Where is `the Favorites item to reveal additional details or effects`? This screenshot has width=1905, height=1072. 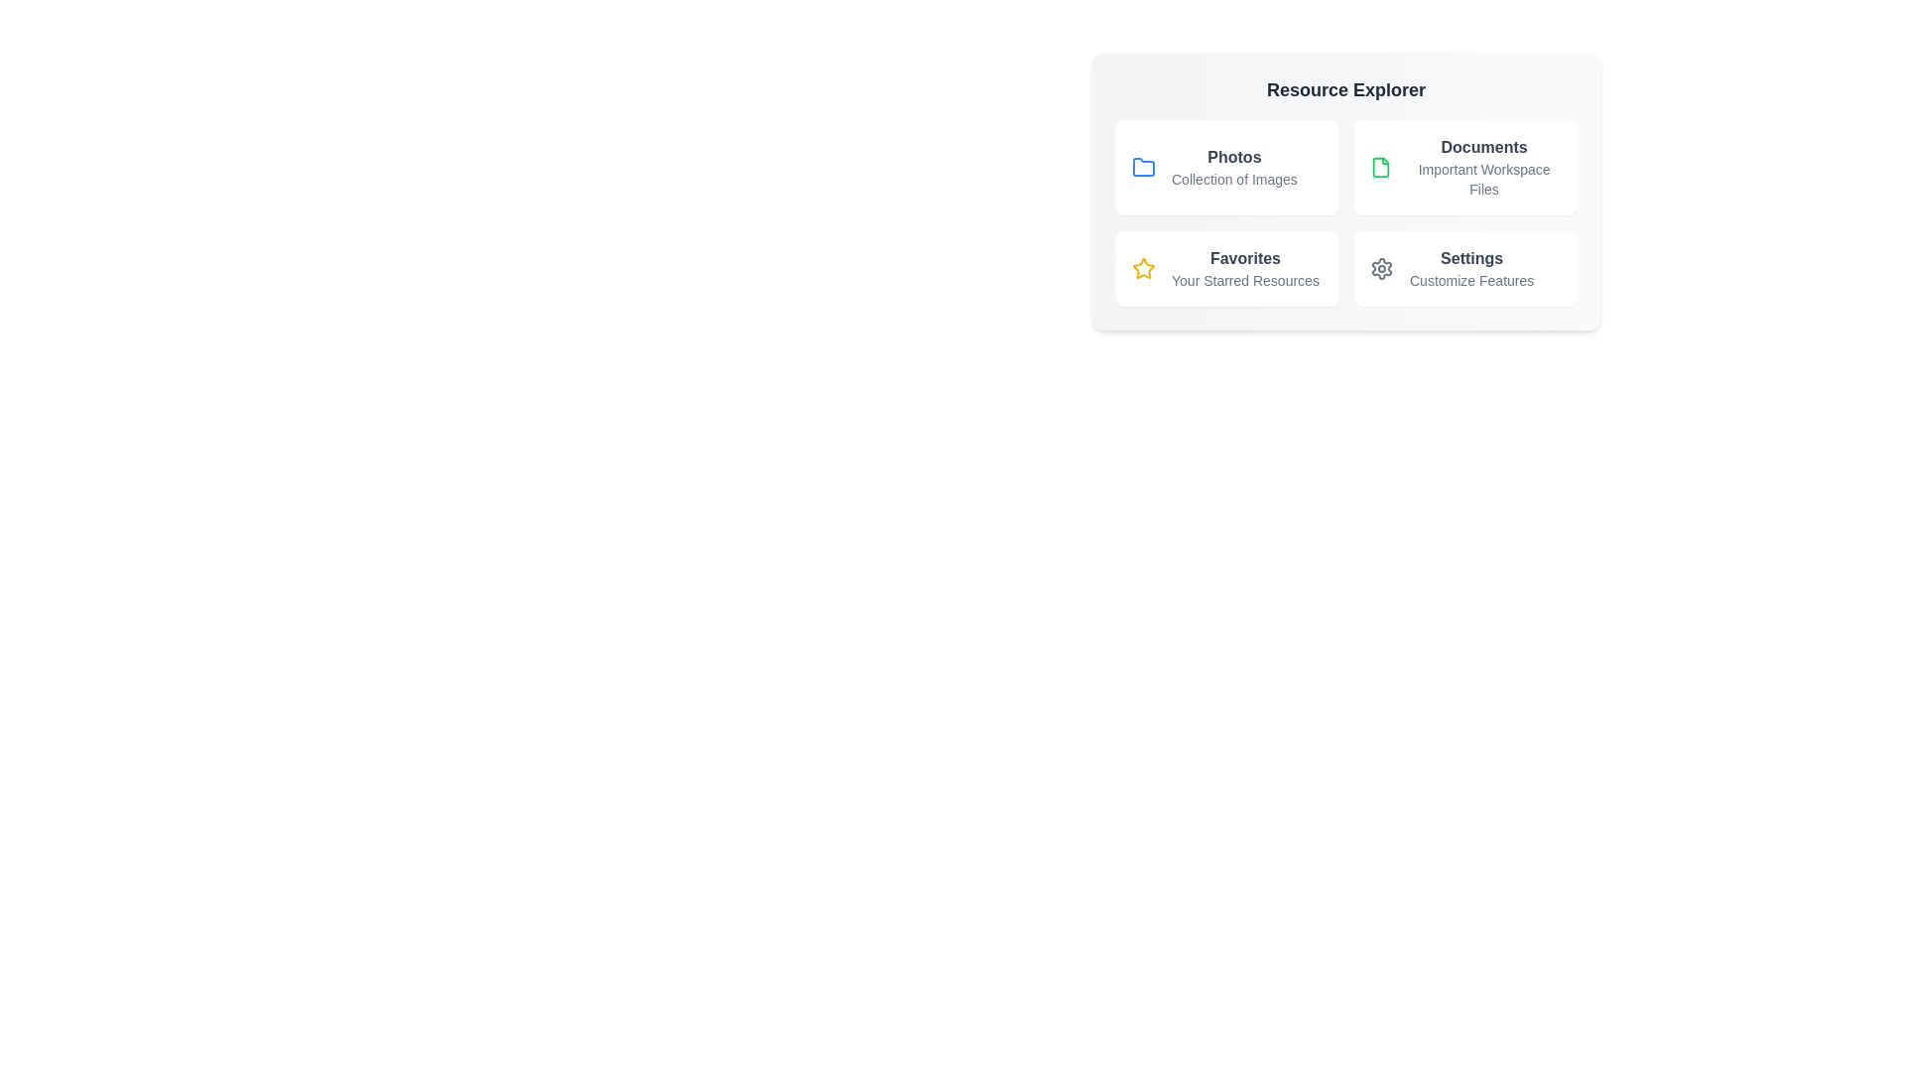
the Favorites item to reveal additional details or effects is located at coordinates (1226, 268).